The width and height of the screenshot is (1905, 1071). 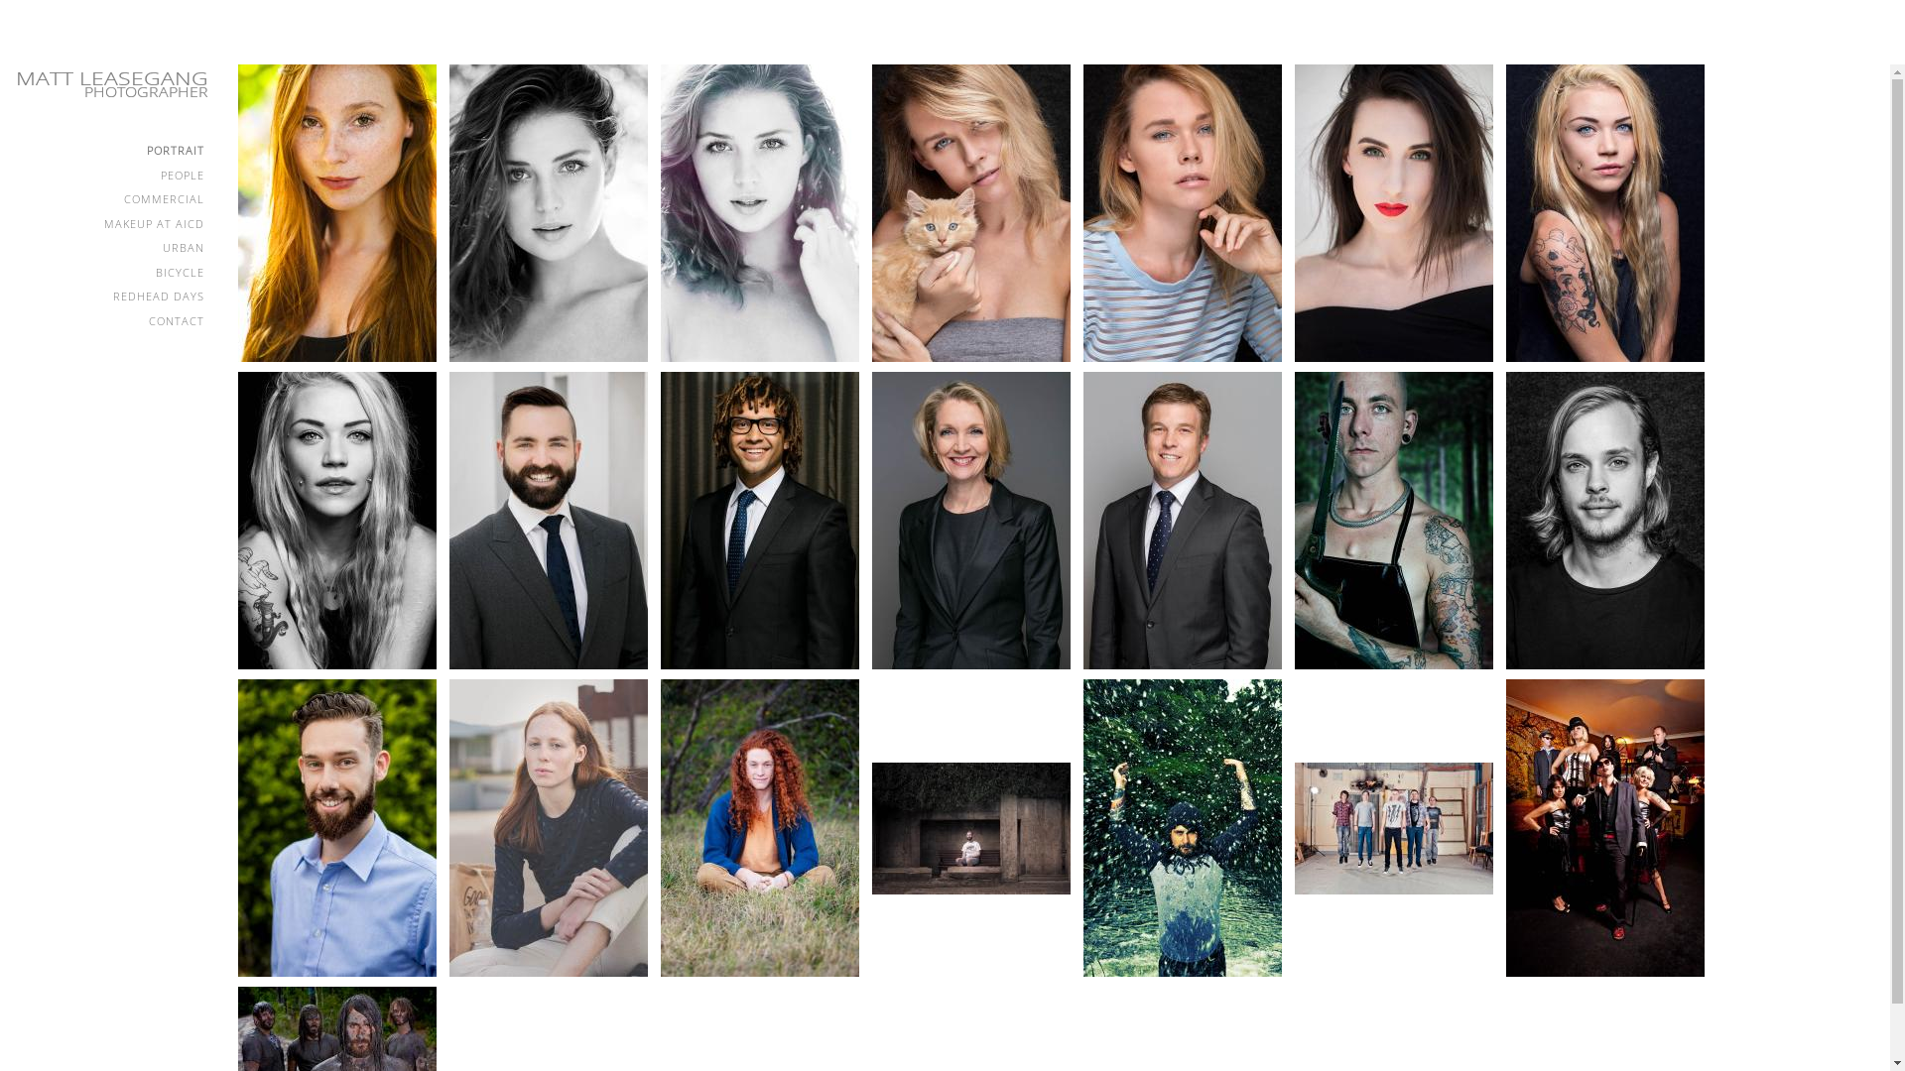 I want to click on 'COMMERCIAL', so click(x=108, y=199).